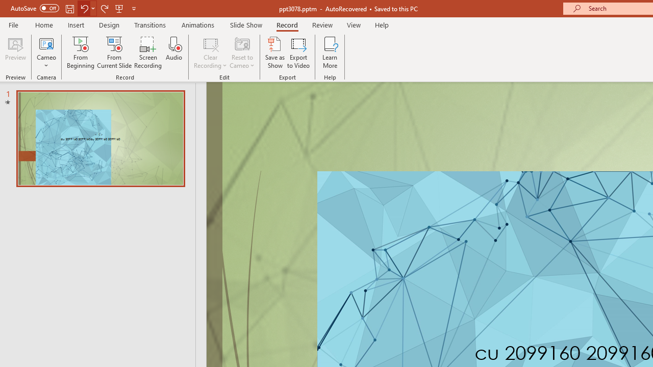 This screenshot has width=653, height=367. I want to click on 'From Current Slide...', so click(114, 53).